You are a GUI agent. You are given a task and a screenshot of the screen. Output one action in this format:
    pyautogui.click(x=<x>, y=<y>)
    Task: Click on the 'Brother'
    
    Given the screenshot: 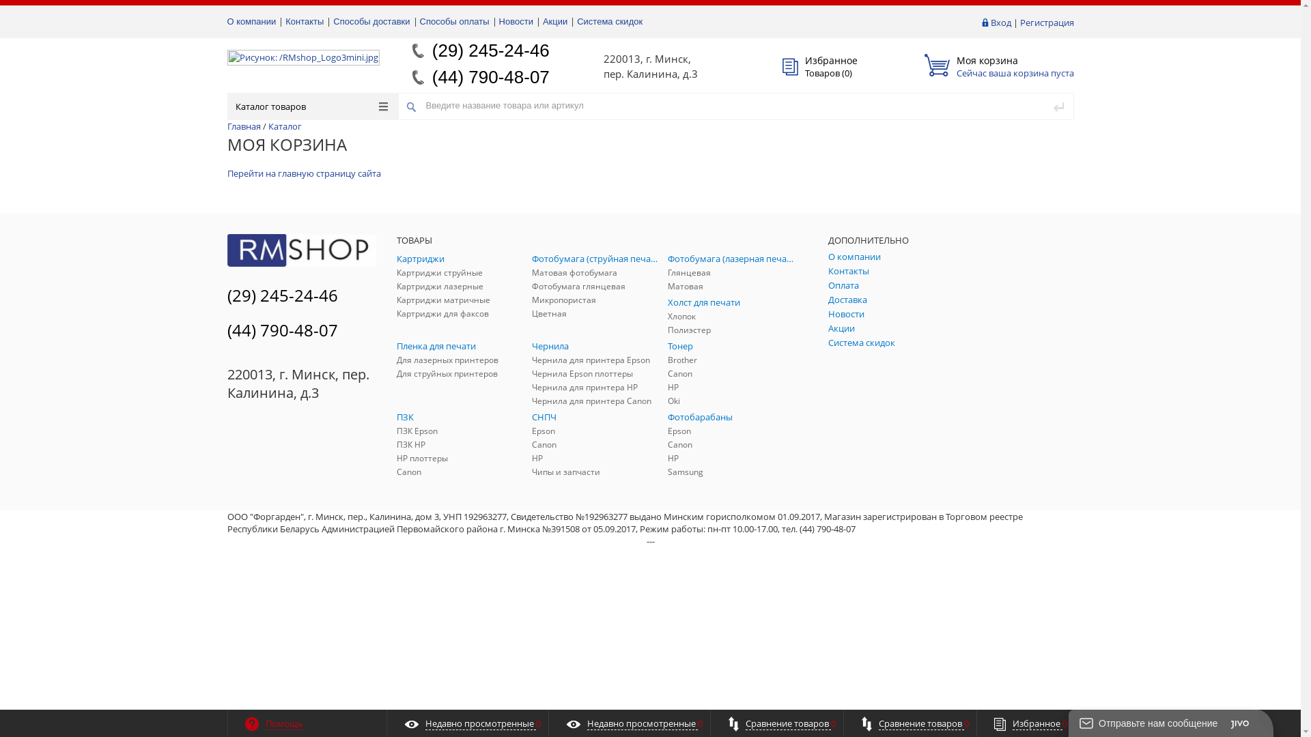 What is the action you would take?
    pyautogui.click(x=731, y=359)
    